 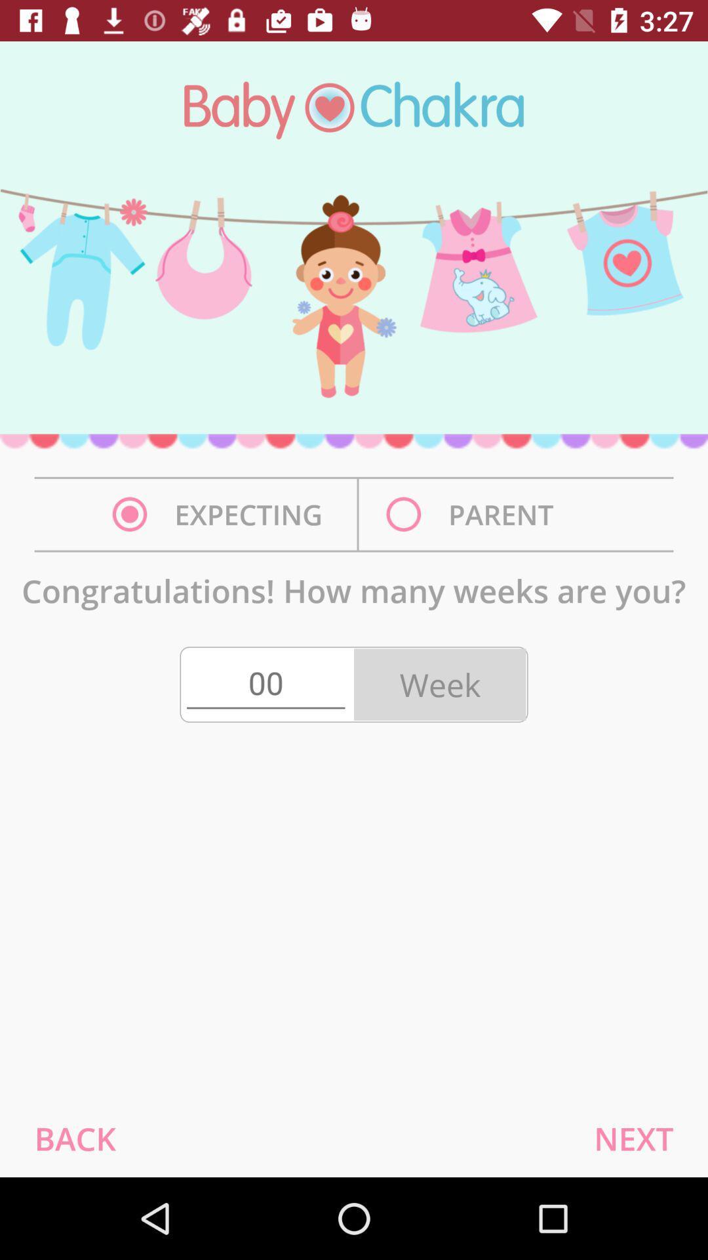 I want to click on the back, so click(x=75, y=1138).